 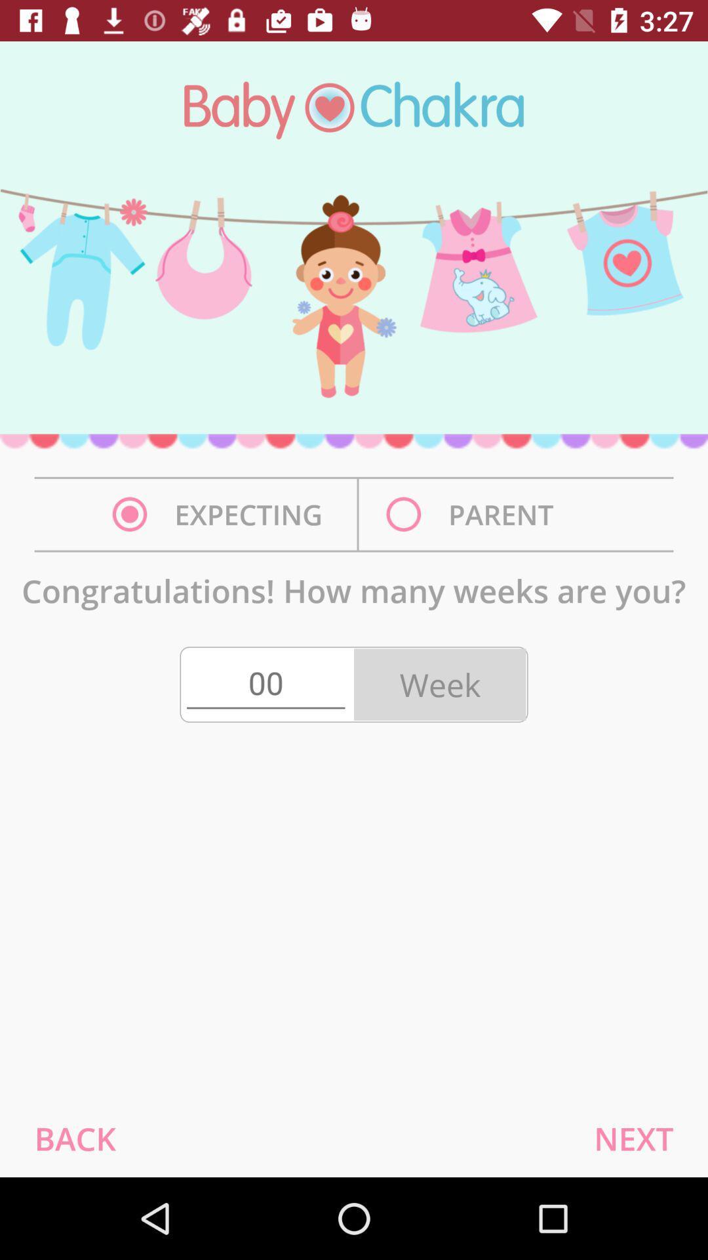 I want to click on the back, so click(x=75, y=1138).